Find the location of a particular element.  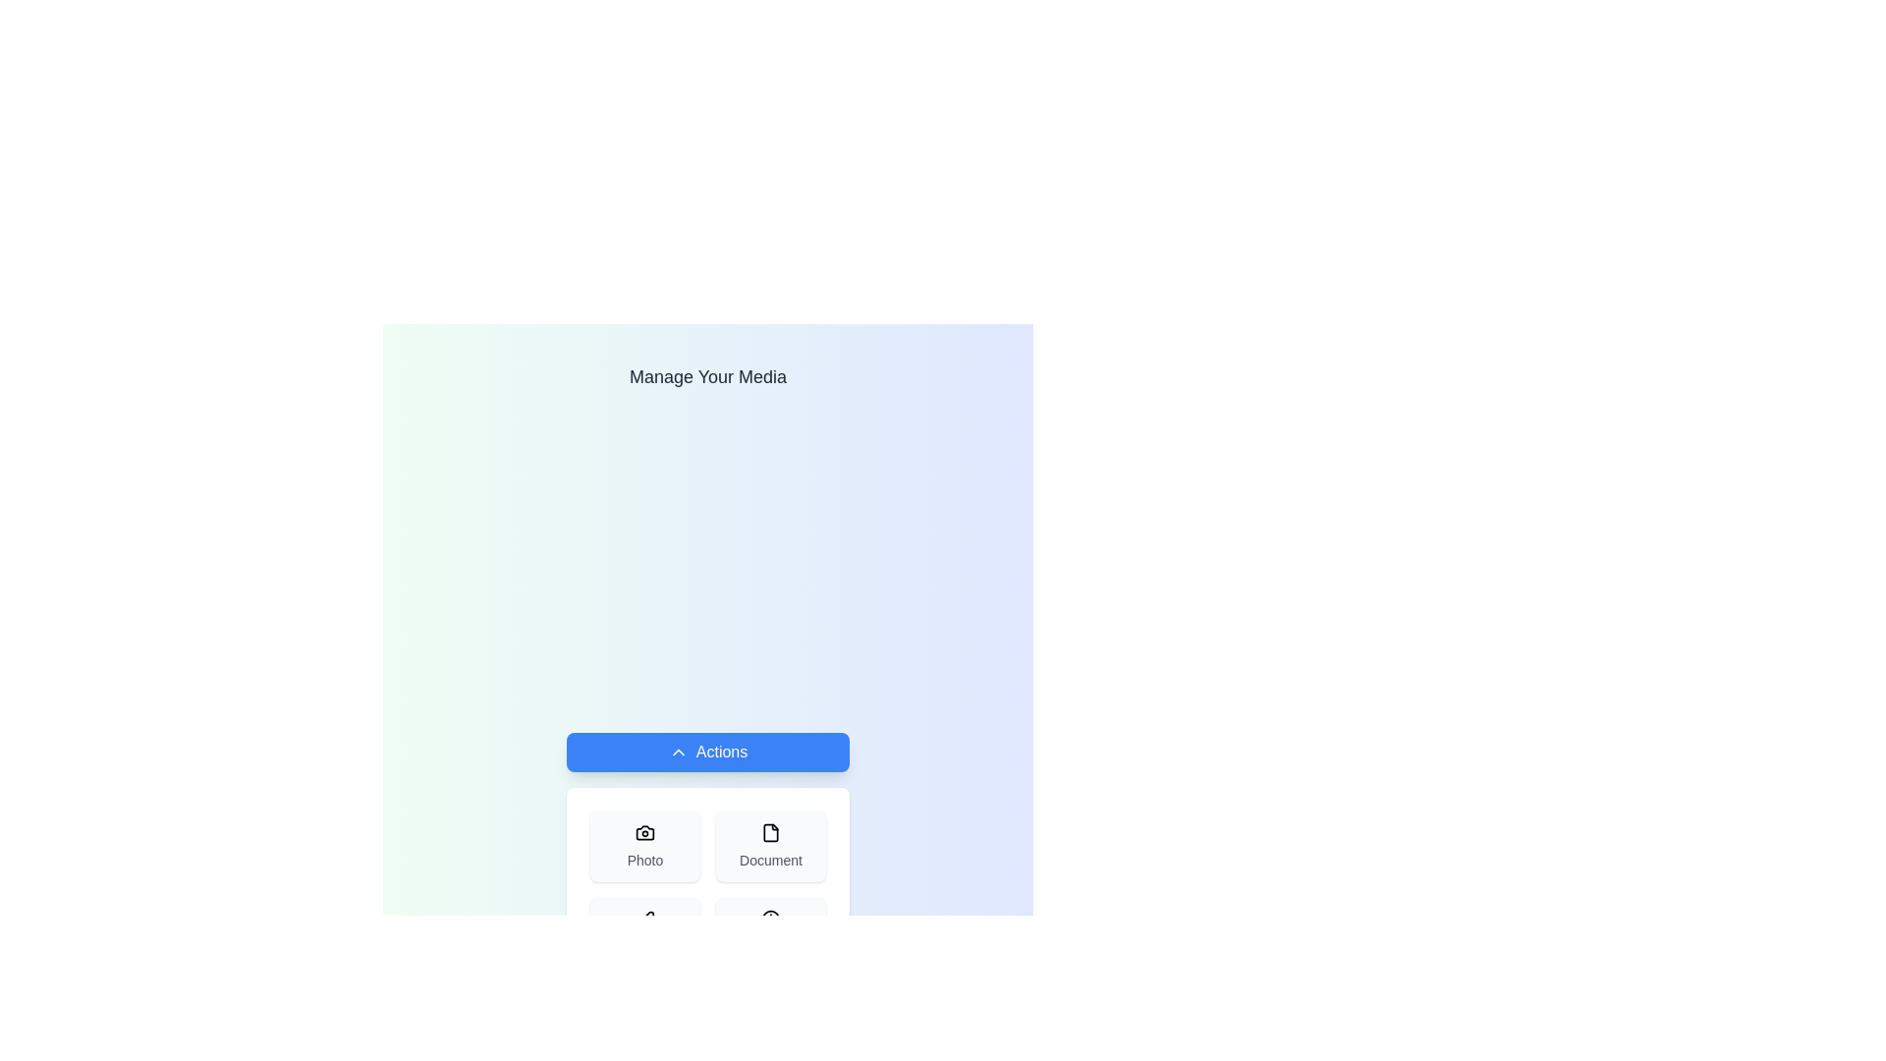

'Actions' button to toggle the visibility of the action menu is located at coordinates (707, 752).